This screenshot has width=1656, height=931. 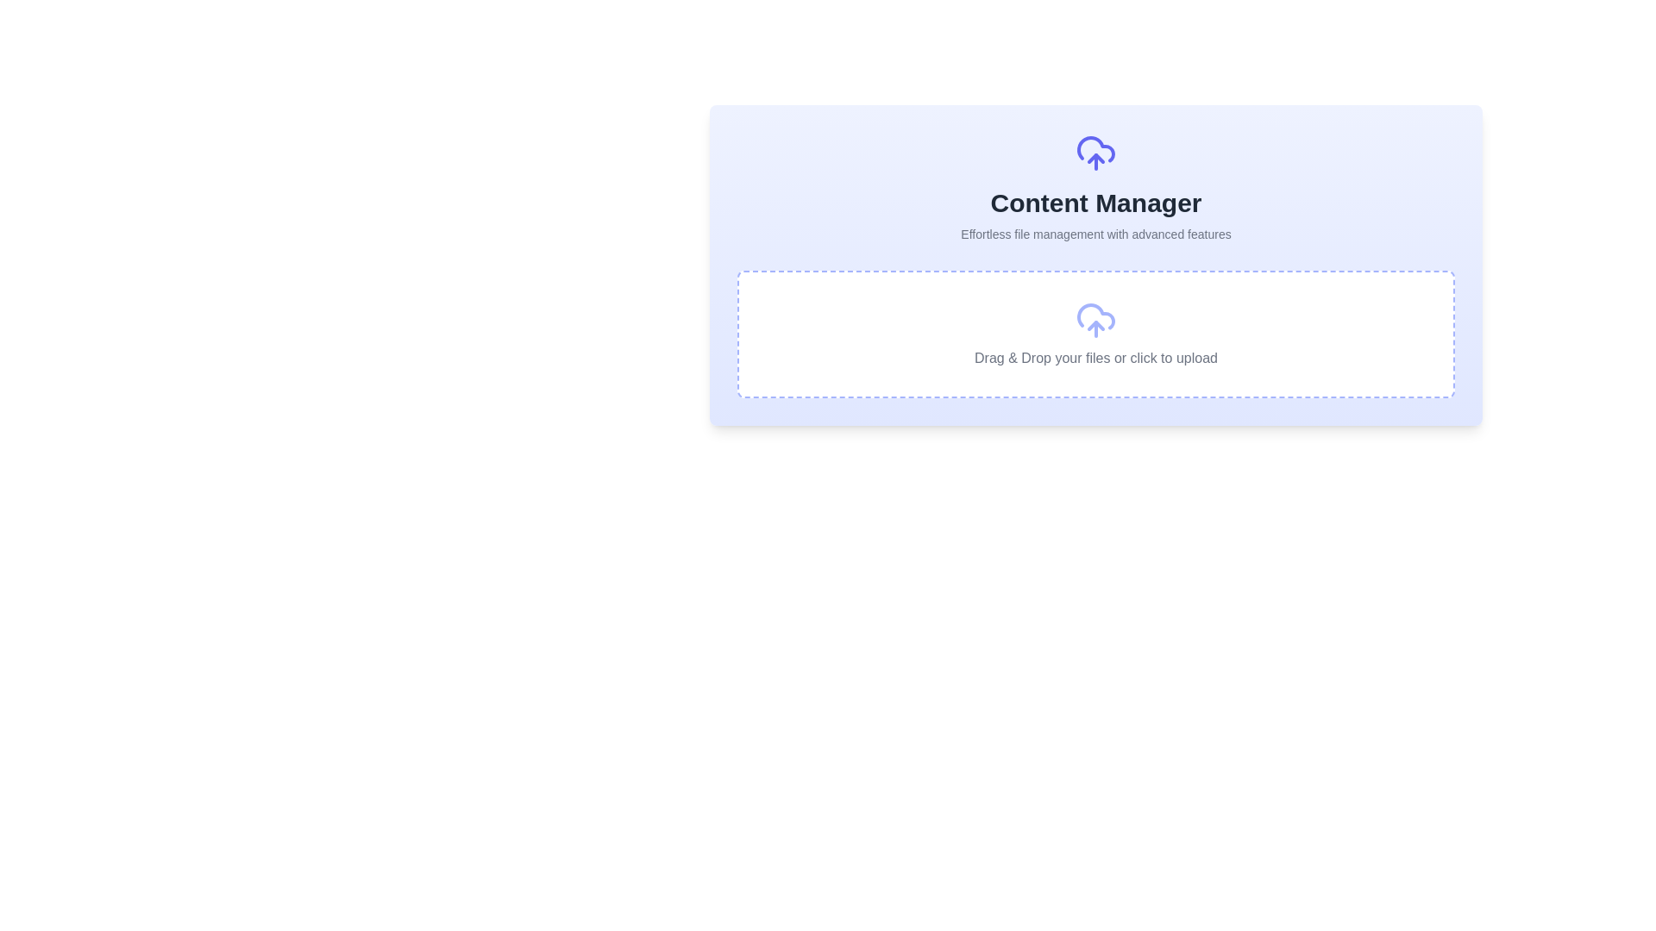 What do you see at coordinates (1095, 152) in the screenshot?
I see `the blue cloud icon with an upward arrow` at bounding box center [1095, 152].